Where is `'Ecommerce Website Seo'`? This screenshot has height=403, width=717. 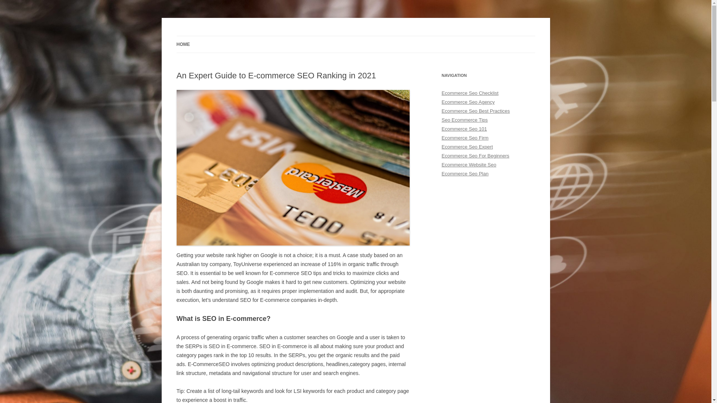
'Ecommerce Website Seo' is located at coordinates (468, 164).